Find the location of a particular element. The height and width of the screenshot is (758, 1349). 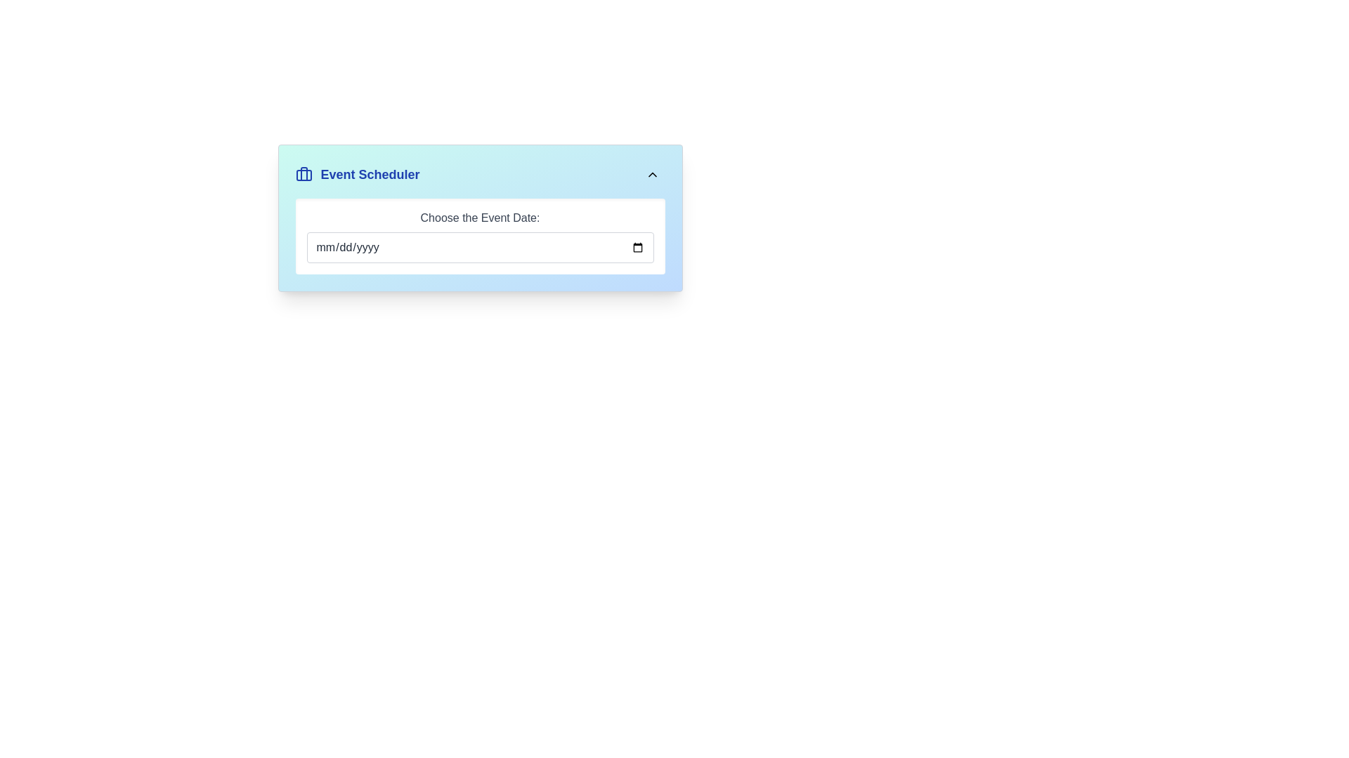

a date from the calendar widget associated with the centrally located Date Picker below the 'Event Scheduler' title is located at coordinates (480, 235).